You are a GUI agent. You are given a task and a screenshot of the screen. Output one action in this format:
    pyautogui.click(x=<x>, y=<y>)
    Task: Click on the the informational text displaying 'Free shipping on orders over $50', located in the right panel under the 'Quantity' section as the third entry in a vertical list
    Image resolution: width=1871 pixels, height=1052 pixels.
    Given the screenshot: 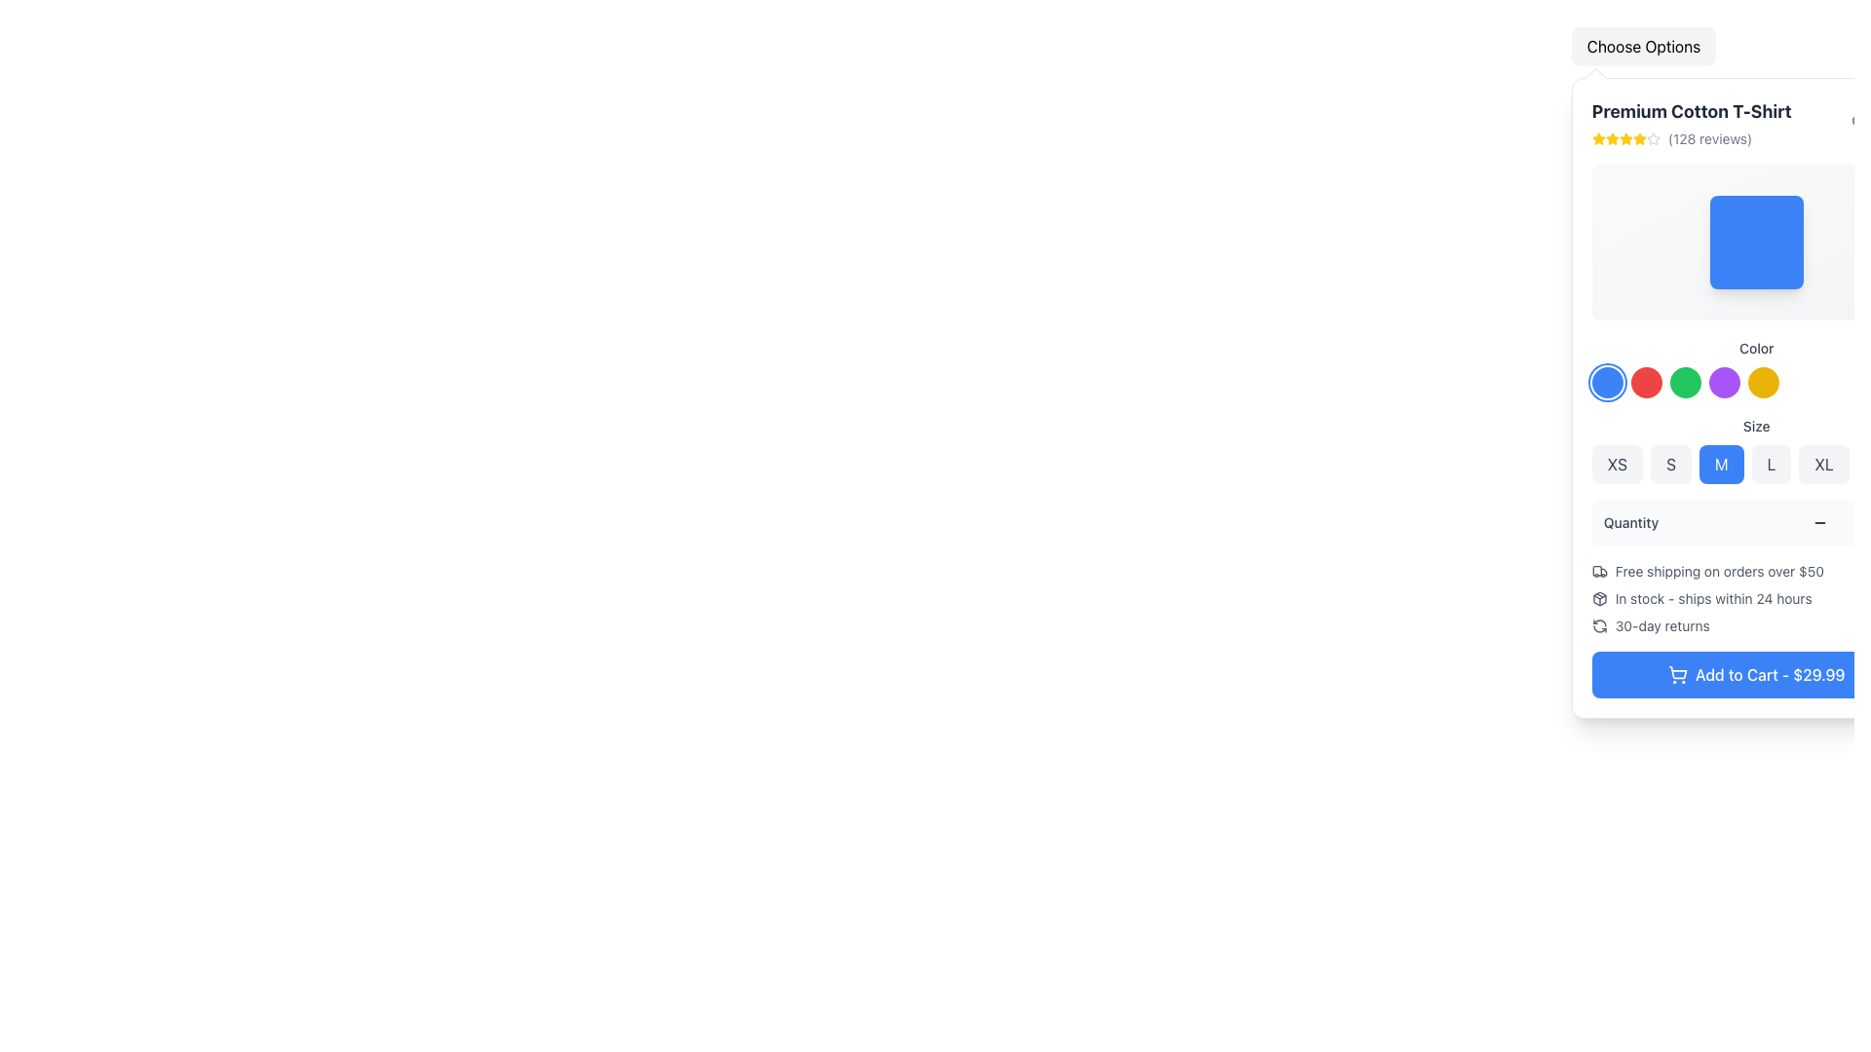 What is the action you would take?
    pyautogui.click(x=1719, y=570)
    